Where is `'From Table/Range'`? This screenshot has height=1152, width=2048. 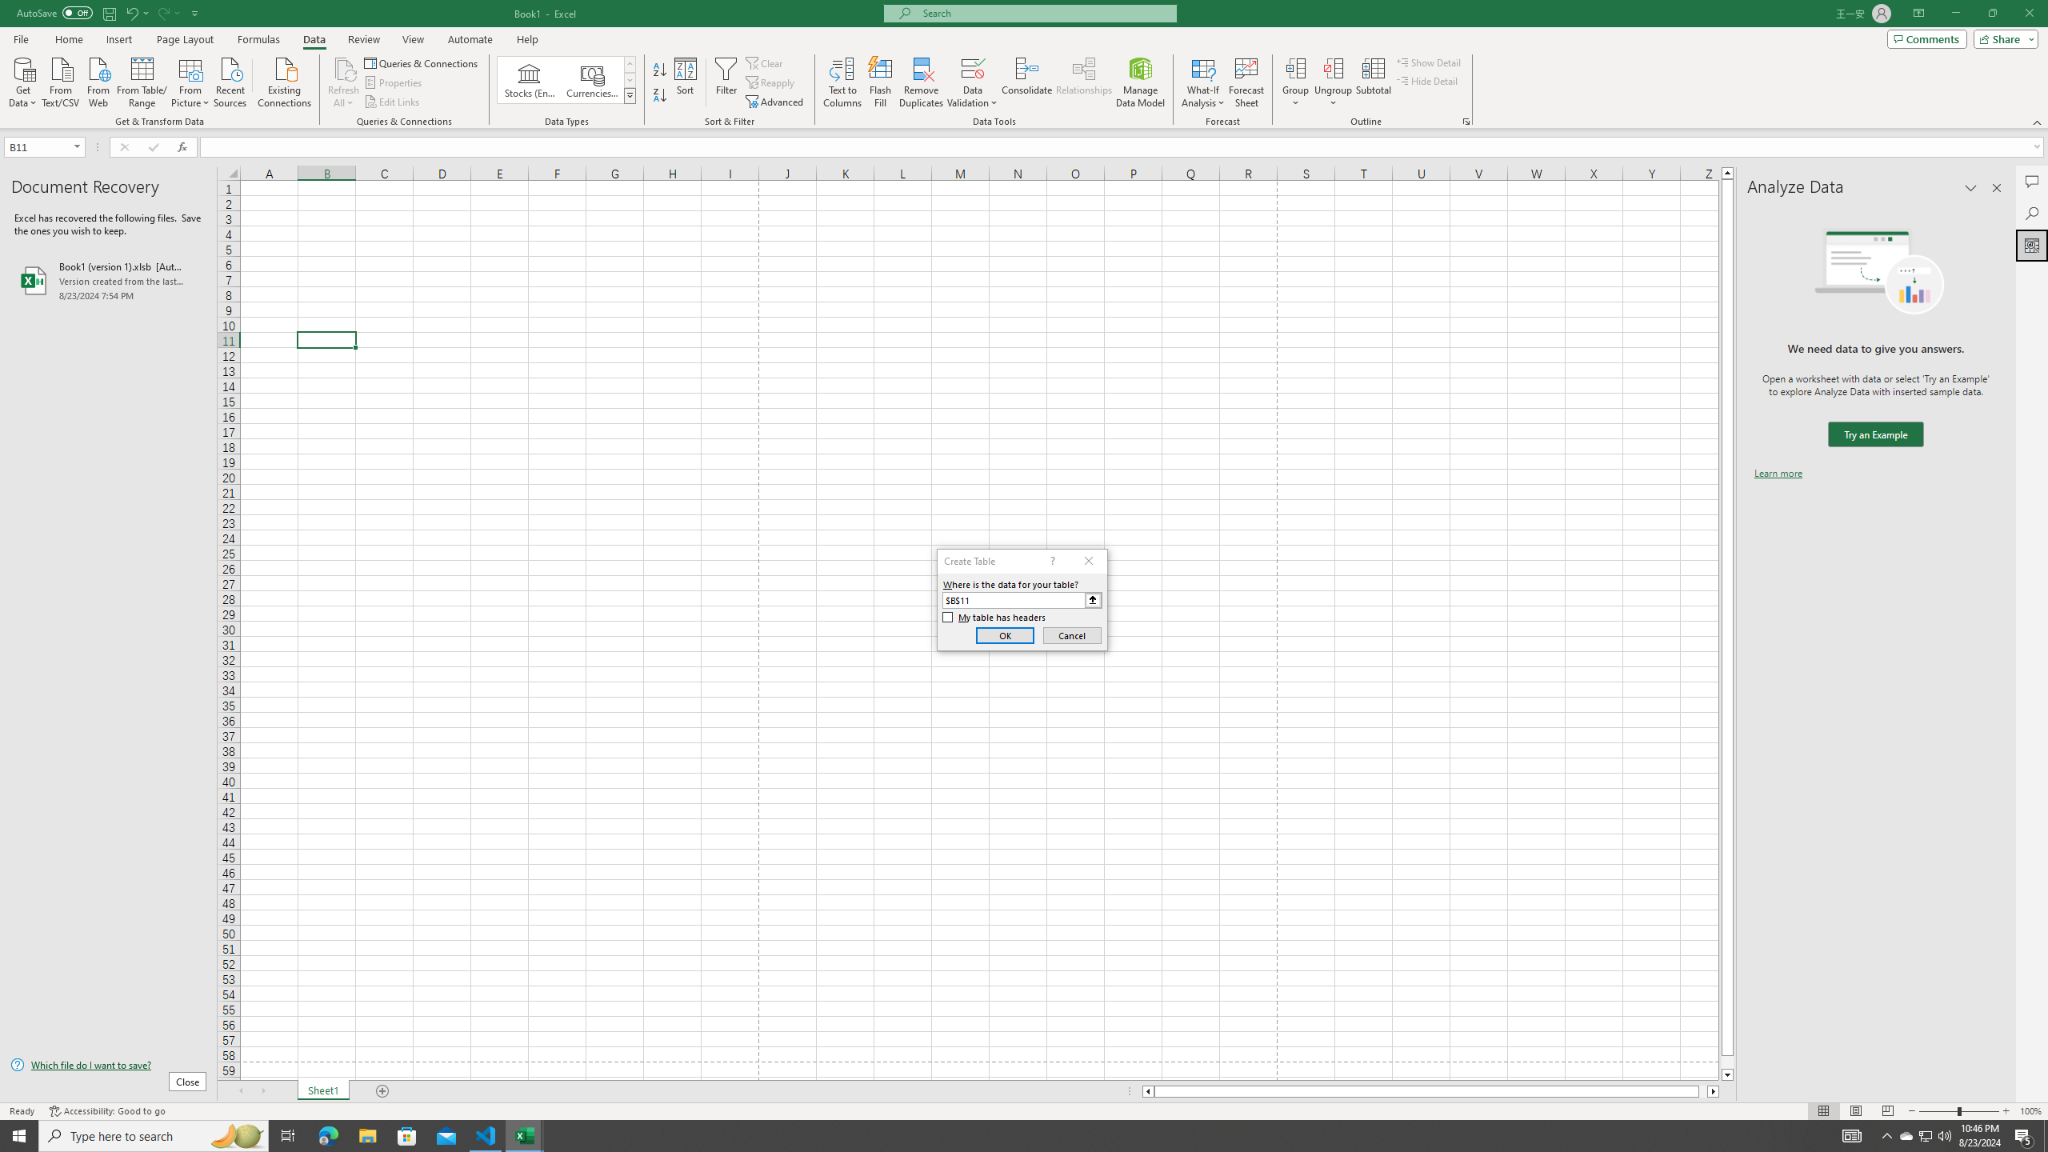
'From Table/Range' is located at coordinates (141, 80).